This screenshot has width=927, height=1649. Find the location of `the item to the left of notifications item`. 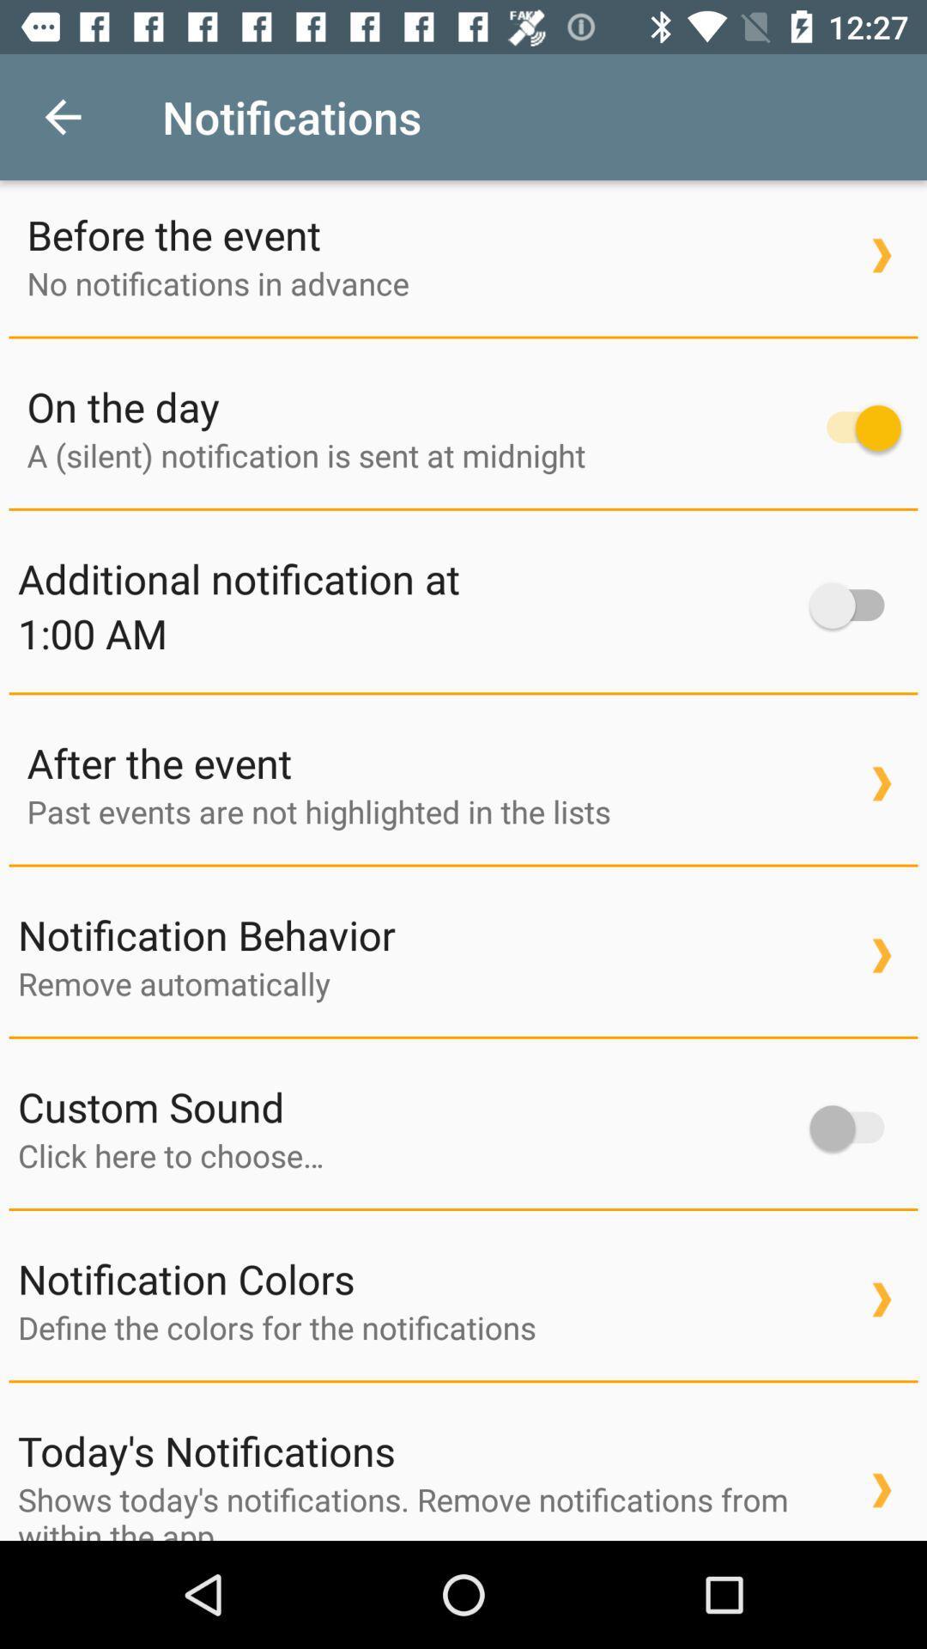

the item to the left of notifications item is located at coordinates (62, 116).